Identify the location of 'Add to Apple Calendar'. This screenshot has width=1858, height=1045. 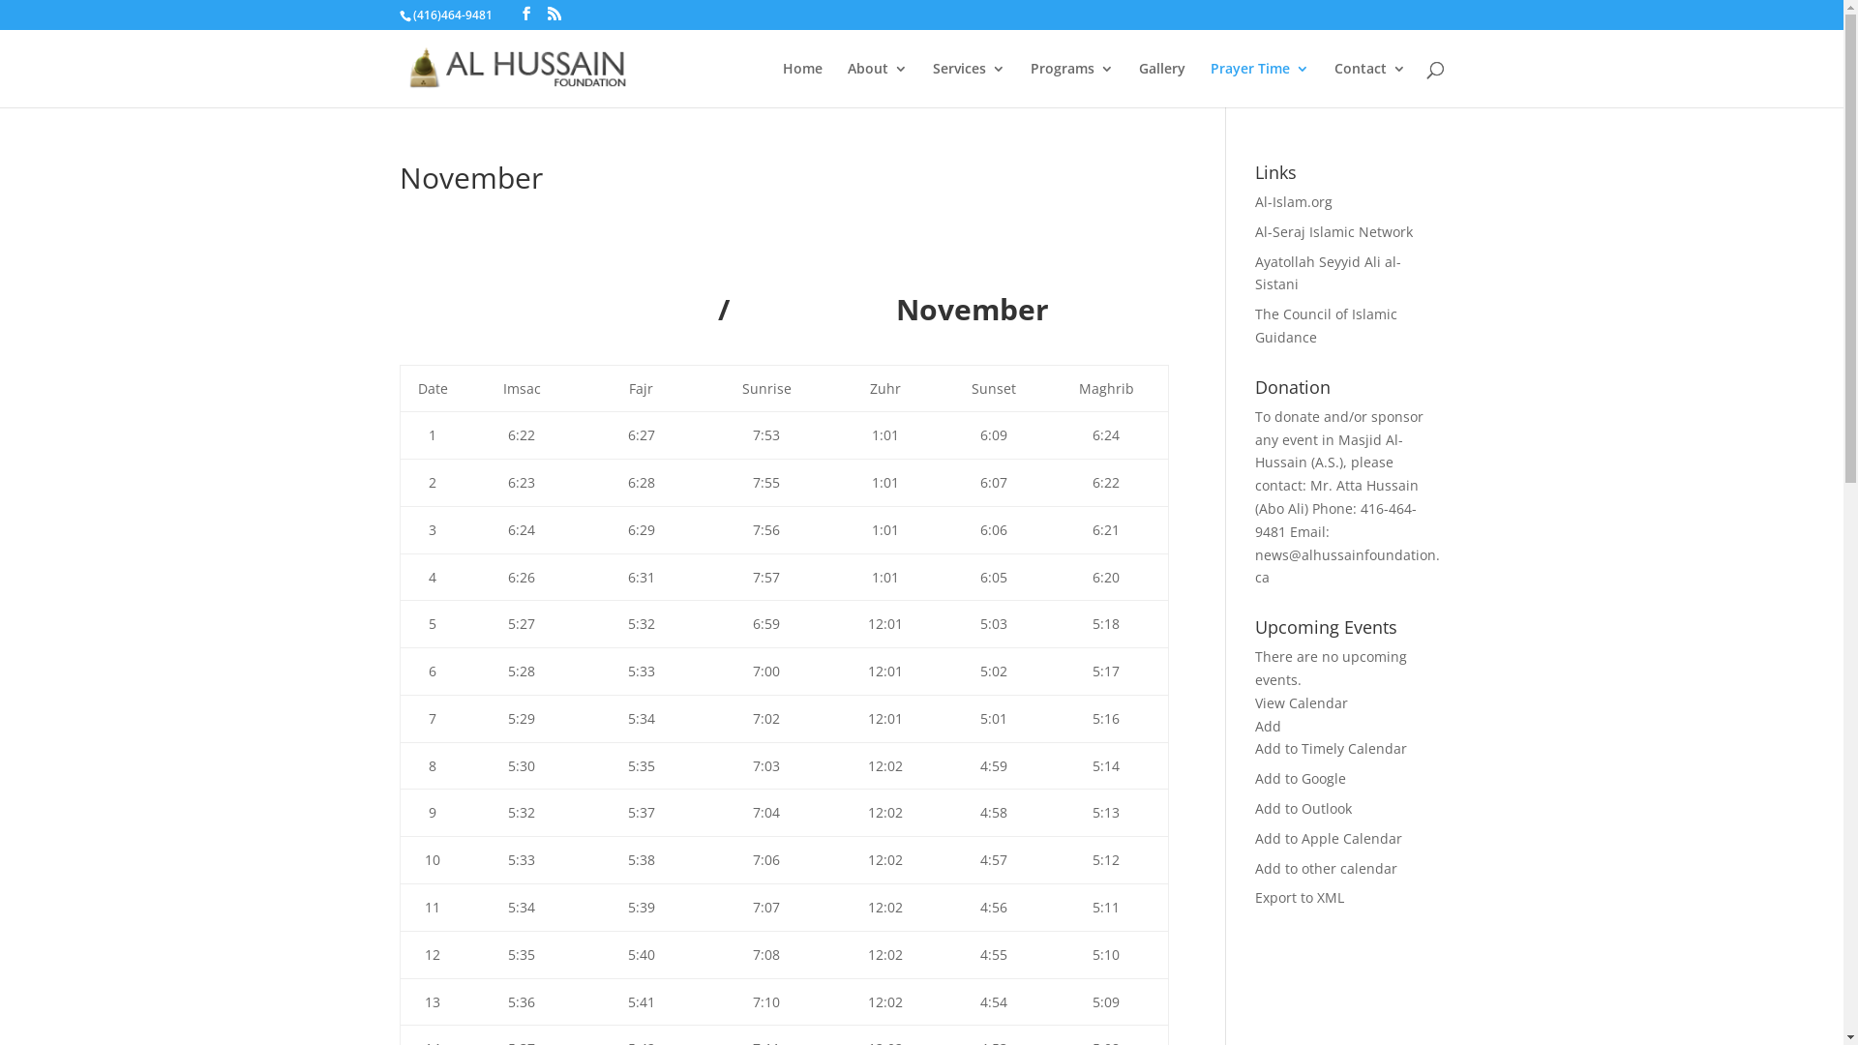
(1254, 837).